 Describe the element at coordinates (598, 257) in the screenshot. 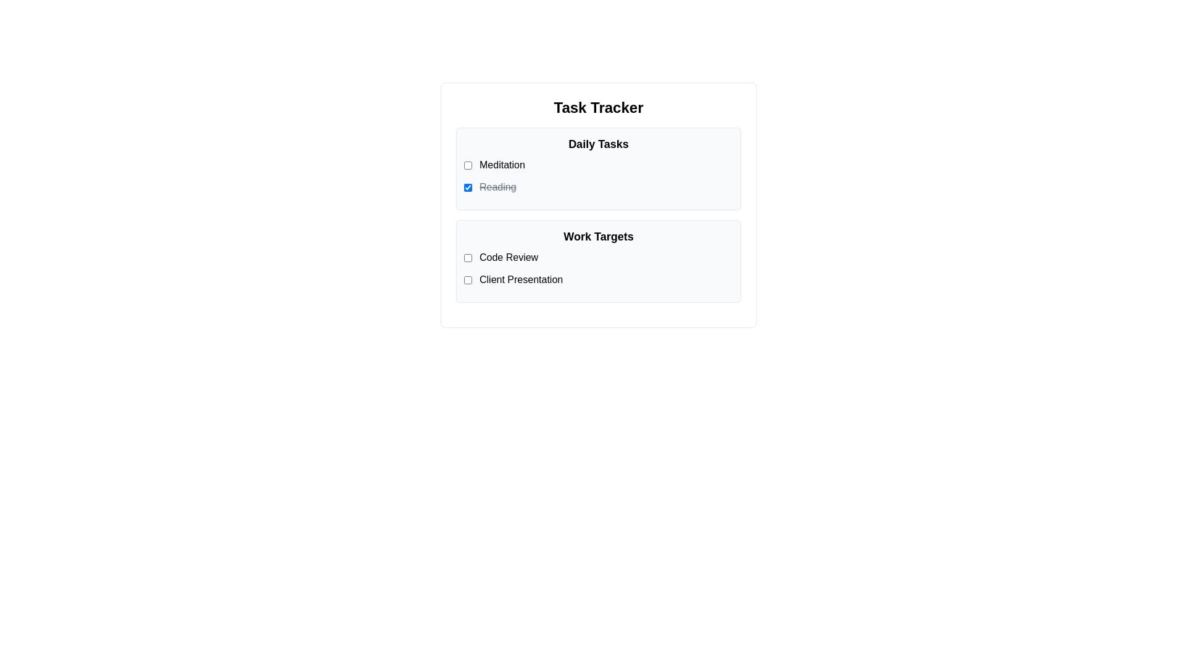

I see `the checkbox associated with the 'Code Review' task label` at that location.